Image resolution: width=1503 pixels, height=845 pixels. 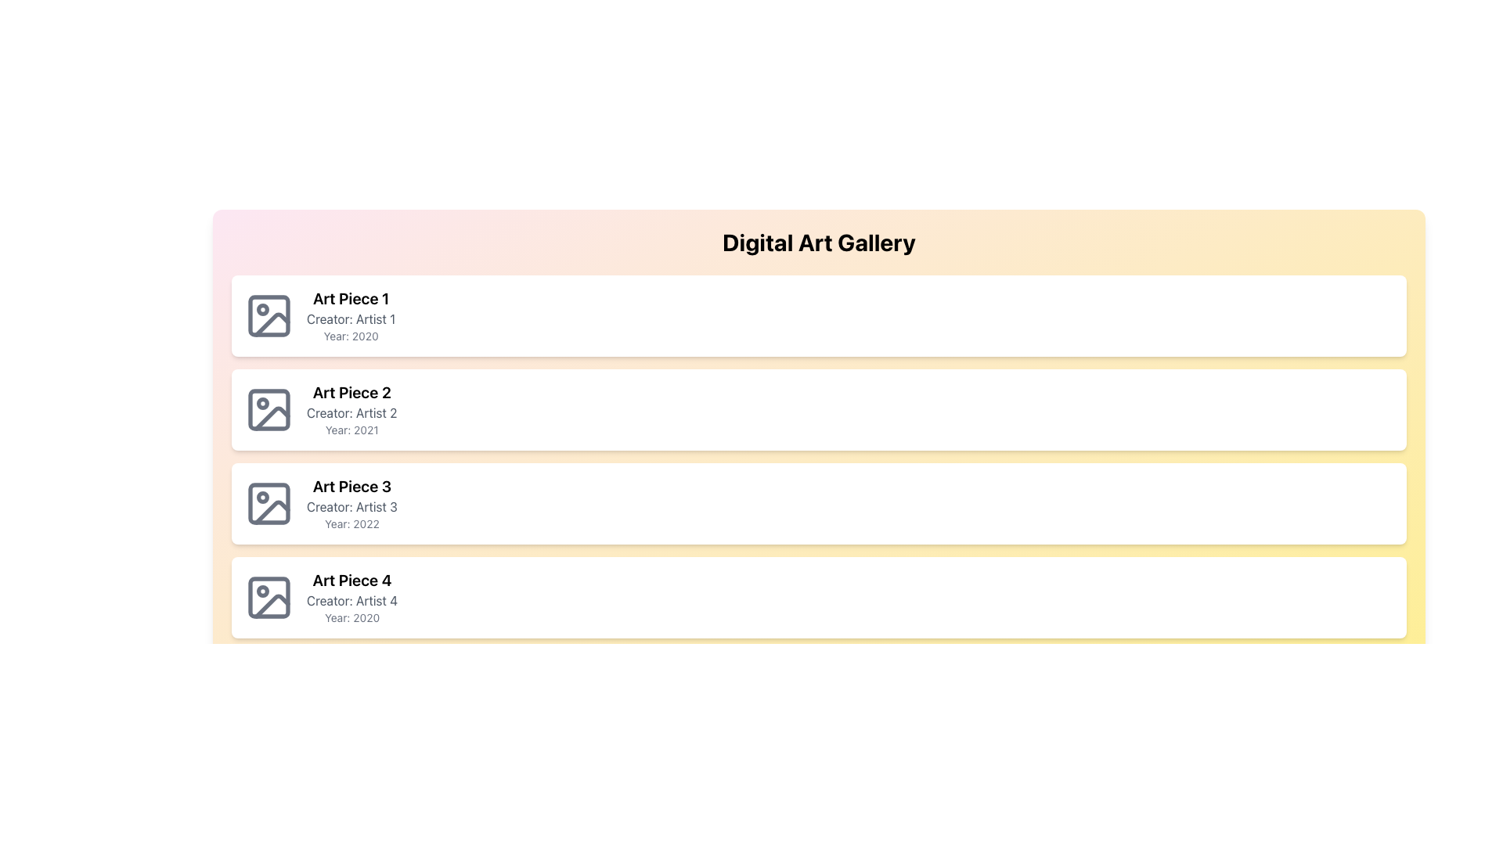 I want to click on the static text label displaying the year associated with 'Art Piece 2', which is positioned below the 'Creator: Artist 2' text, so click(x=351, y=430).